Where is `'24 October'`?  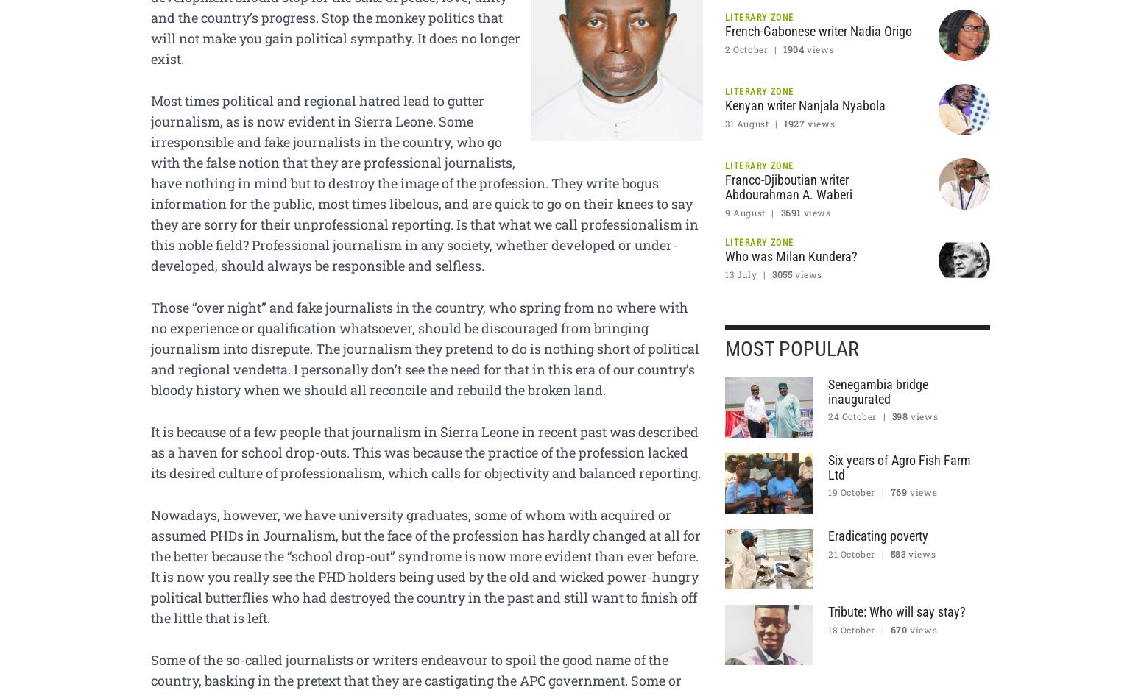 '24 October' is located at coordinates (852, 415).